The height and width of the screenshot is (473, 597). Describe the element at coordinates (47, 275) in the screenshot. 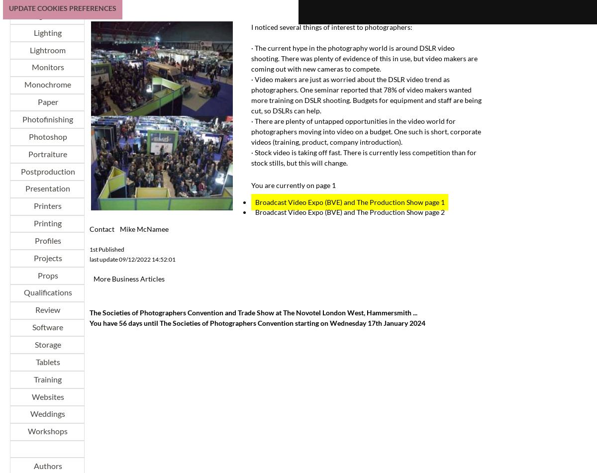

I see `'Props'` at that location.